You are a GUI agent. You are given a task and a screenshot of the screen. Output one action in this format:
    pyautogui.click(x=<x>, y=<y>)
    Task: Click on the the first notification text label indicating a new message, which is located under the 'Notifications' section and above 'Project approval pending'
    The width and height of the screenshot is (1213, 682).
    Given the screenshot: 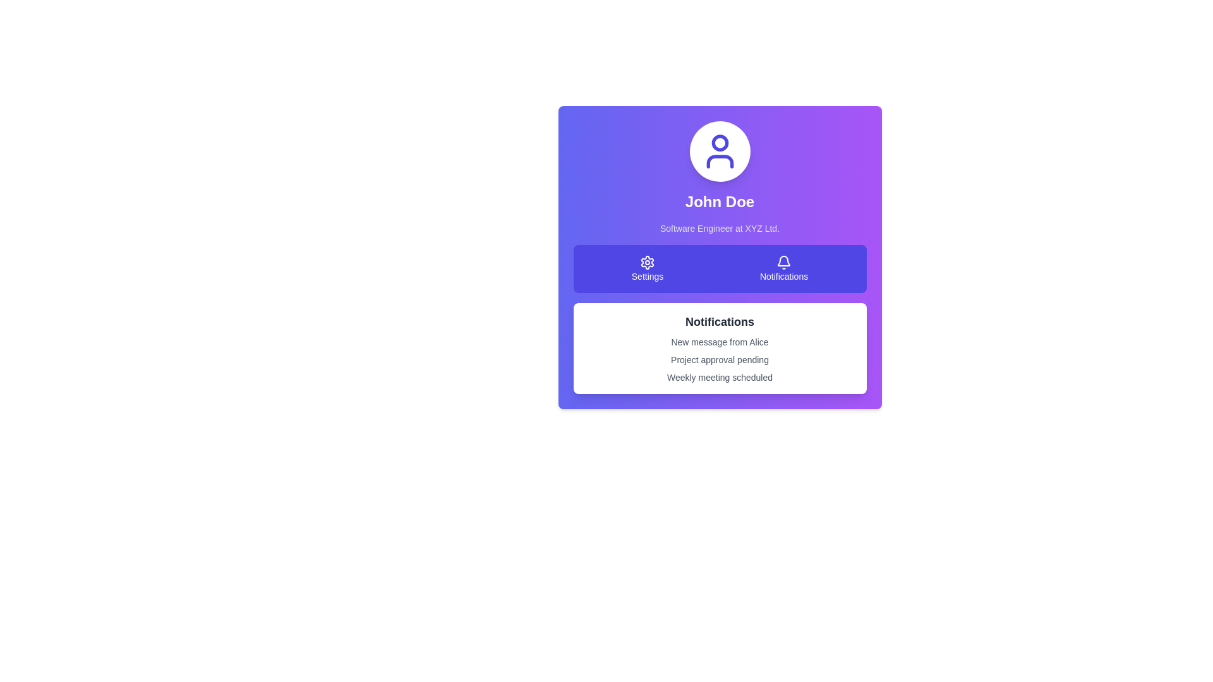 What is the action you would take?
    pyautogui.click(x=720, y=342)
    